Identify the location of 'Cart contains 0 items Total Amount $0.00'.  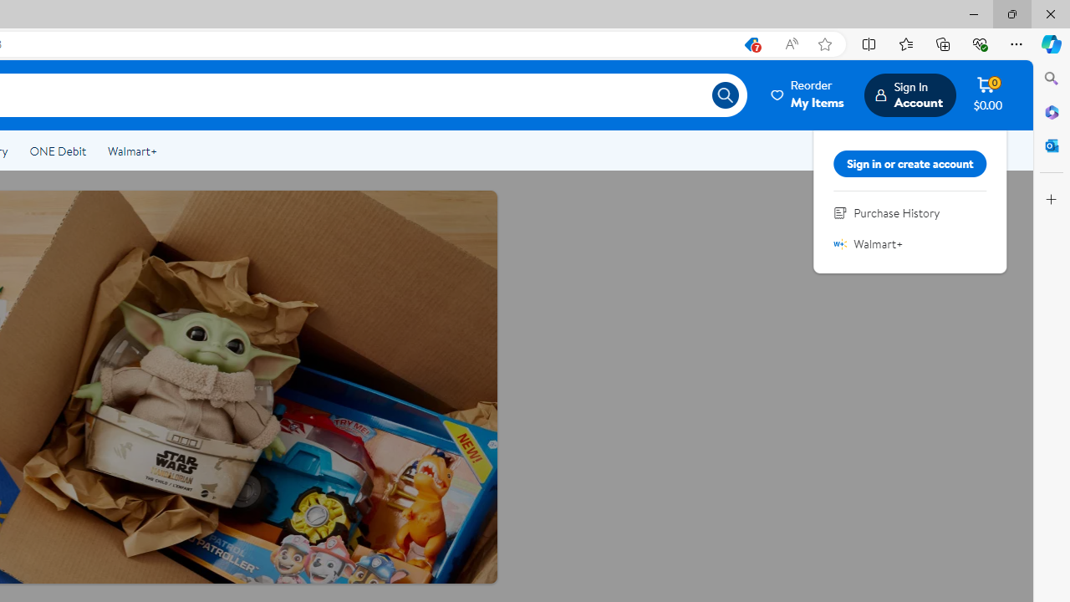
(988, 94).